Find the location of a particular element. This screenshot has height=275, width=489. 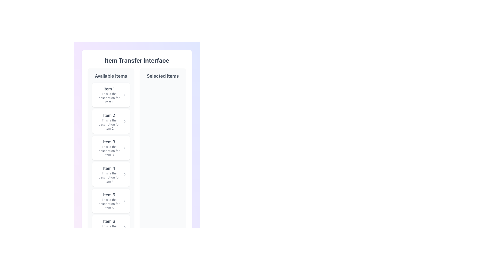

the text element reading 'This is the description for Item 3', which is styled with a smaller font size and a gray hue, positioned below 'Item 3' in the 'Available Items' column is located at coordinates (109, 151).